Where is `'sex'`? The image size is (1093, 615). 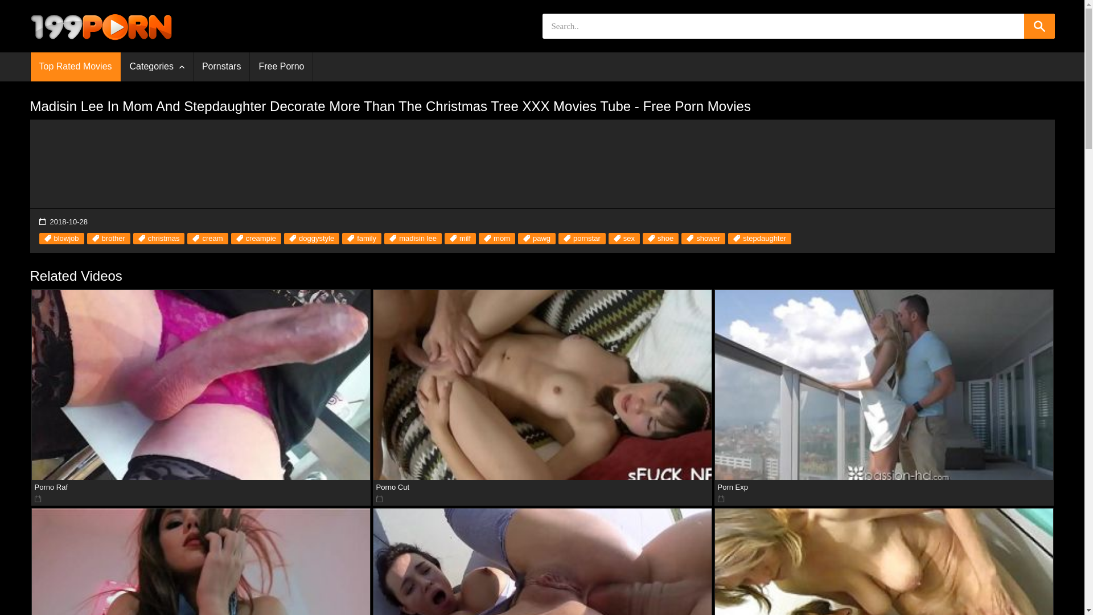 'sex' is located at coordinates (623, 238).